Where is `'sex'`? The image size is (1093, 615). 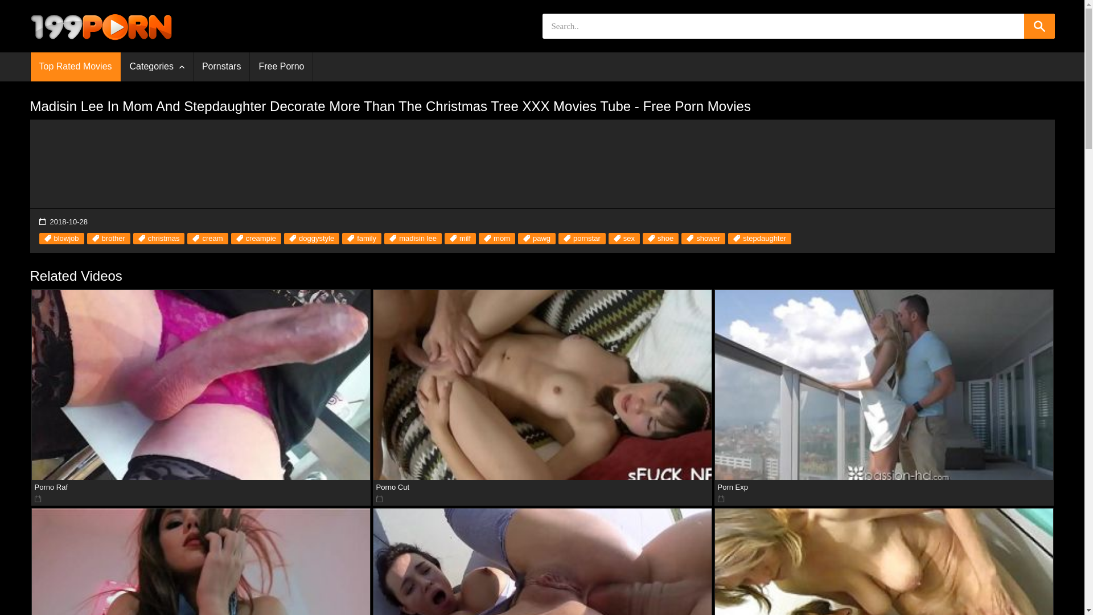 'sex' is located at coordinates (623, 238).